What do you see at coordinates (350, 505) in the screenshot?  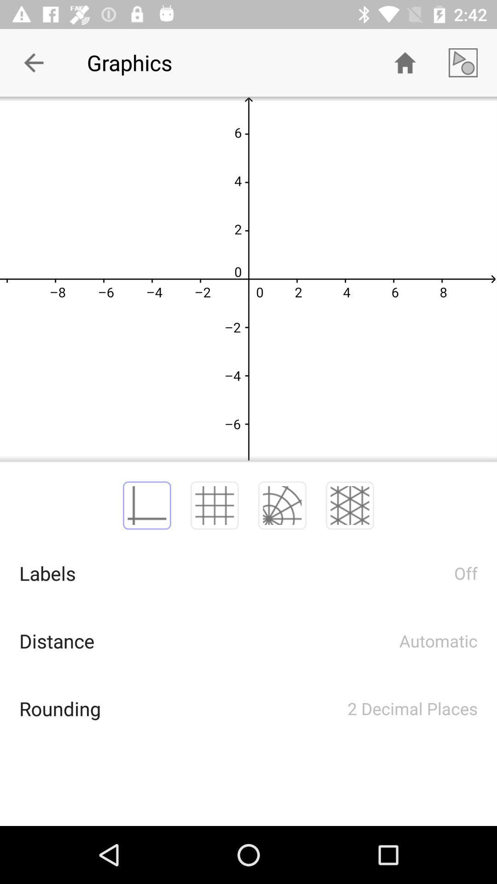 I see `the fourth icon above text labels` at bounding box center [350, 505].